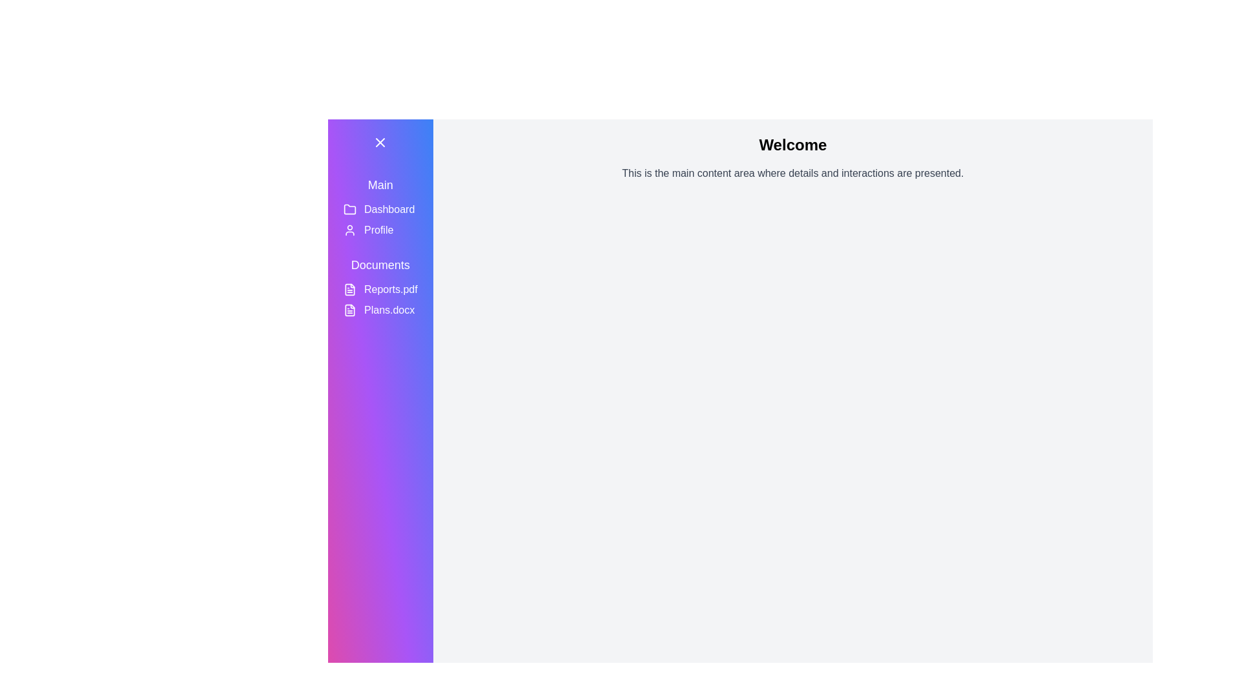  Describe the element at coordinates (380, 265) in the screenshot. I see `the text label displaying 'Documents' in bold font style, located in the vertical navigation bar with a gradient background, positioned between 'Profile' and 'Reports.pdf'` at that location.